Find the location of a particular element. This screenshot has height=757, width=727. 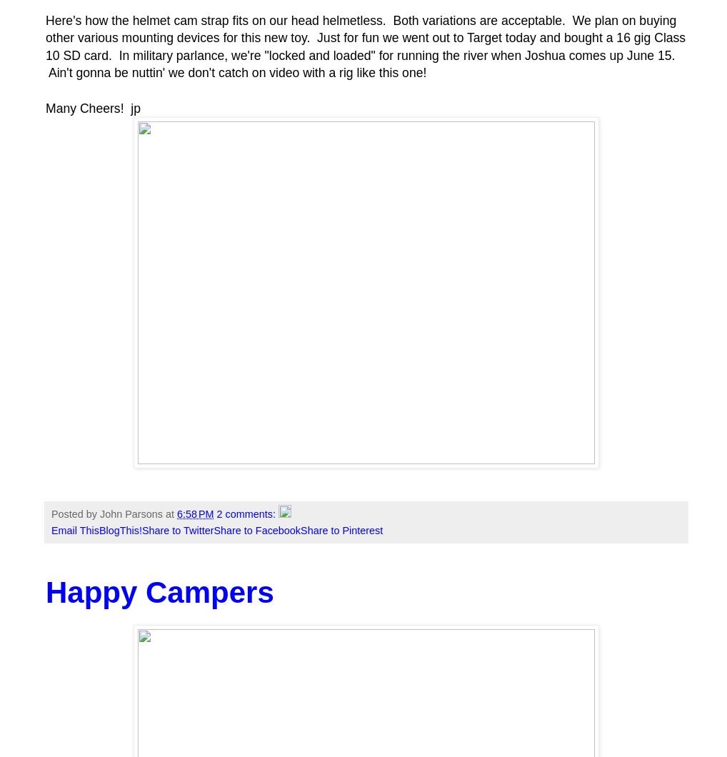

'Many Cheers!  jp' is located at coordinates (91, 107).